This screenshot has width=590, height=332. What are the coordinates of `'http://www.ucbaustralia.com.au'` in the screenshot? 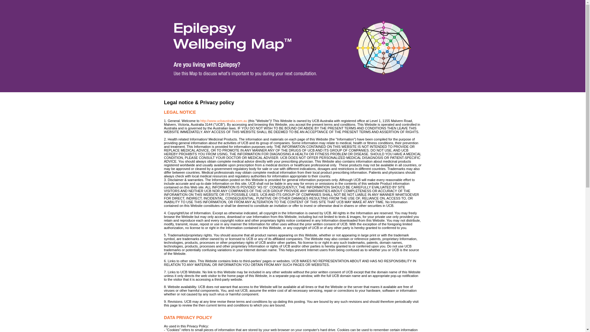 It's located at (223, 121).